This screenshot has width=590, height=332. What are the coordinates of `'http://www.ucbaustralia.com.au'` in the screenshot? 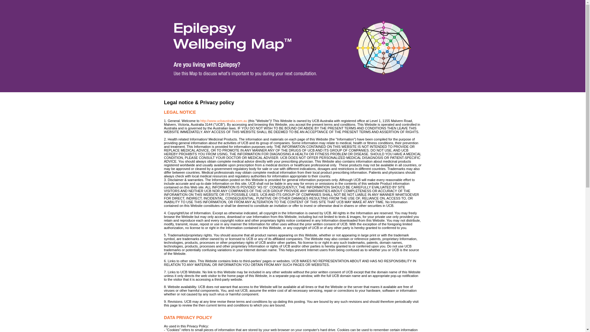 It's located at (223, 121).